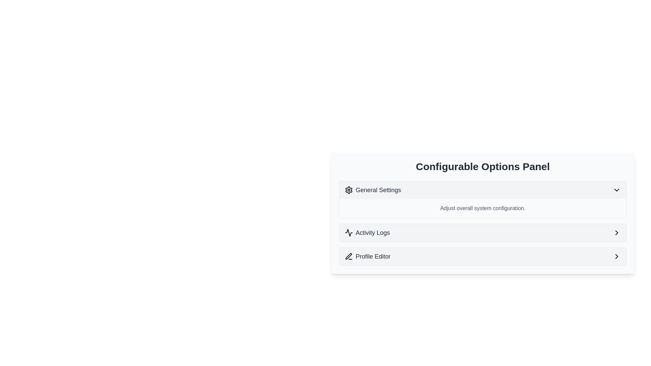 The height and width of the screenshot is (366, 651). What do you see at coordinates (367, 256) in the screenshot?
I see `the Text label with an associated icon that serves as a navigational button for accessing the Profile Editor section of the application` at bounding box center [367, 256].